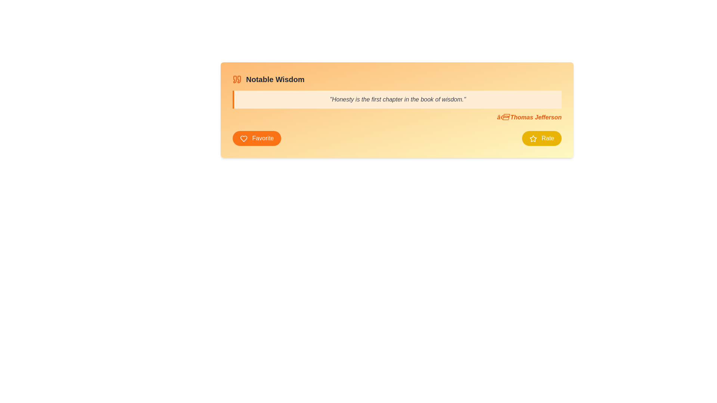  Describe the element at coordinates (236, 79) in the screenshot. I see `the vivid orange quotation mark icon located to the left of the text 'Notable Wisdom' in the top-left portion of the interface's center block` at that location.